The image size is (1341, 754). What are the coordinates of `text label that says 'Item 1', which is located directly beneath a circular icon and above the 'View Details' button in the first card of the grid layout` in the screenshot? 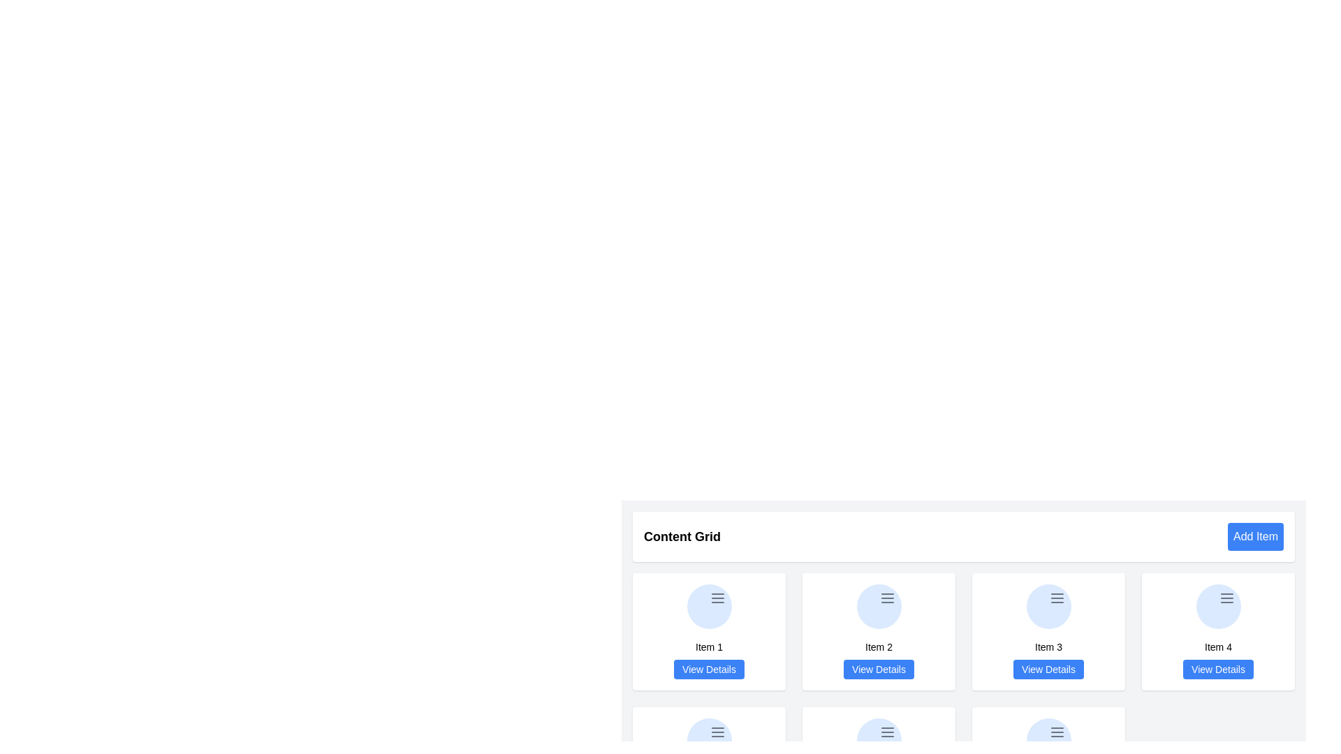 It's located at (709, 646).